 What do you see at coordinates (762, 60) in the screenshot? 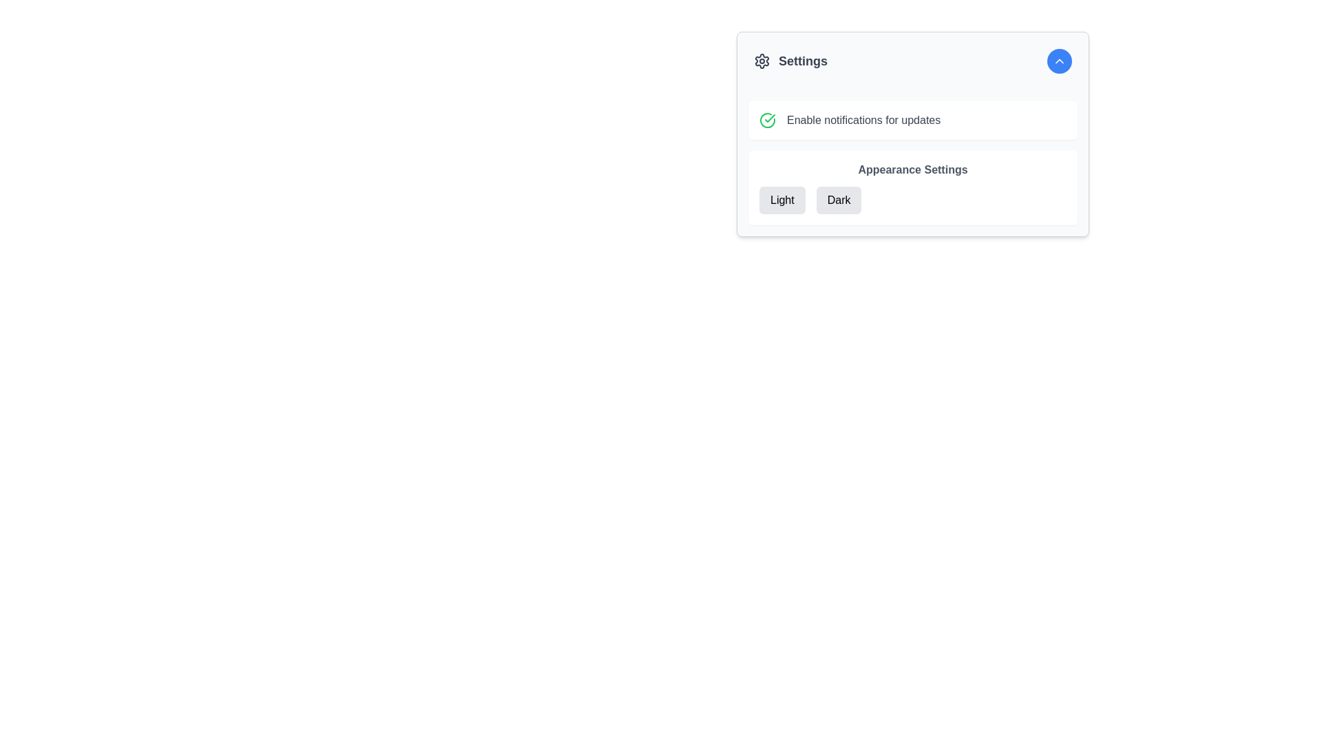
I see `the settings cogwheel icon located` at bounding box center [762, 60].